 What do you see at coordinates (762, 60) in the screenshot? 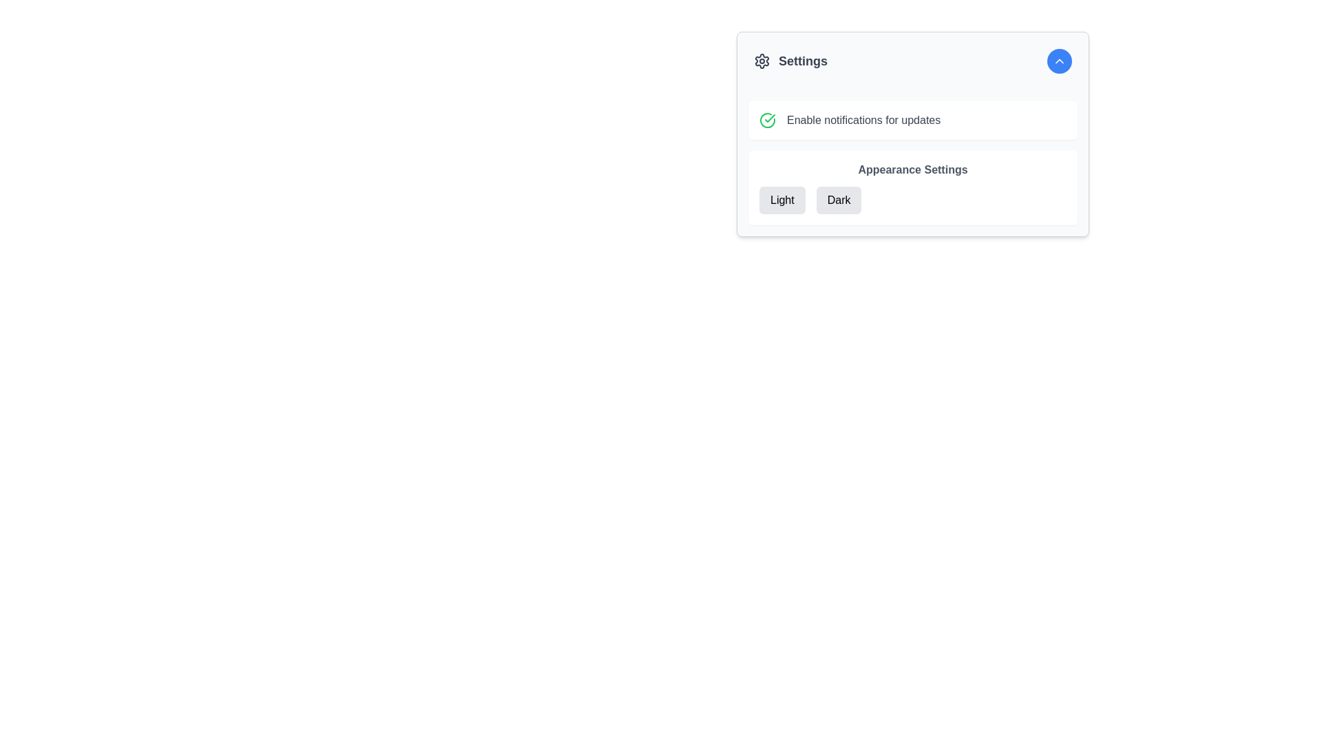
I see `the settings cogwheel icon located` at bounding box center [762, 60].